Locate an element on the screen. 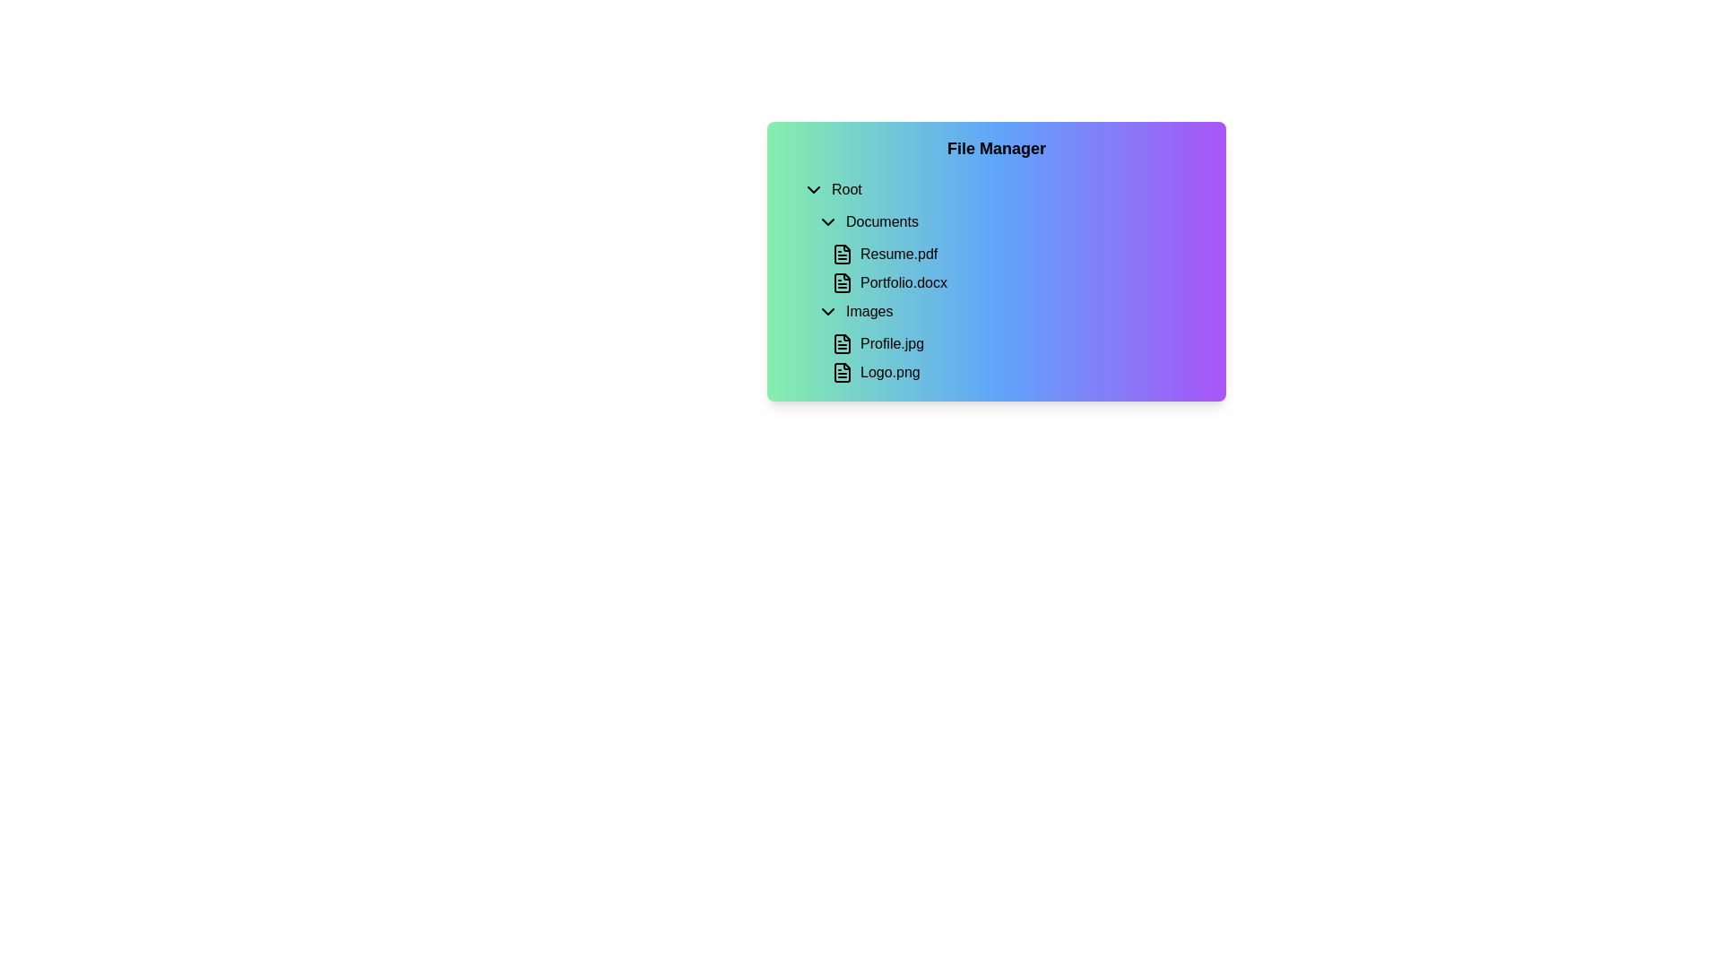  the Dropdown Icon, which is a small downward-pointing chevron located to the immediate left of the text 'Root' is located at coordinates (812, 190).